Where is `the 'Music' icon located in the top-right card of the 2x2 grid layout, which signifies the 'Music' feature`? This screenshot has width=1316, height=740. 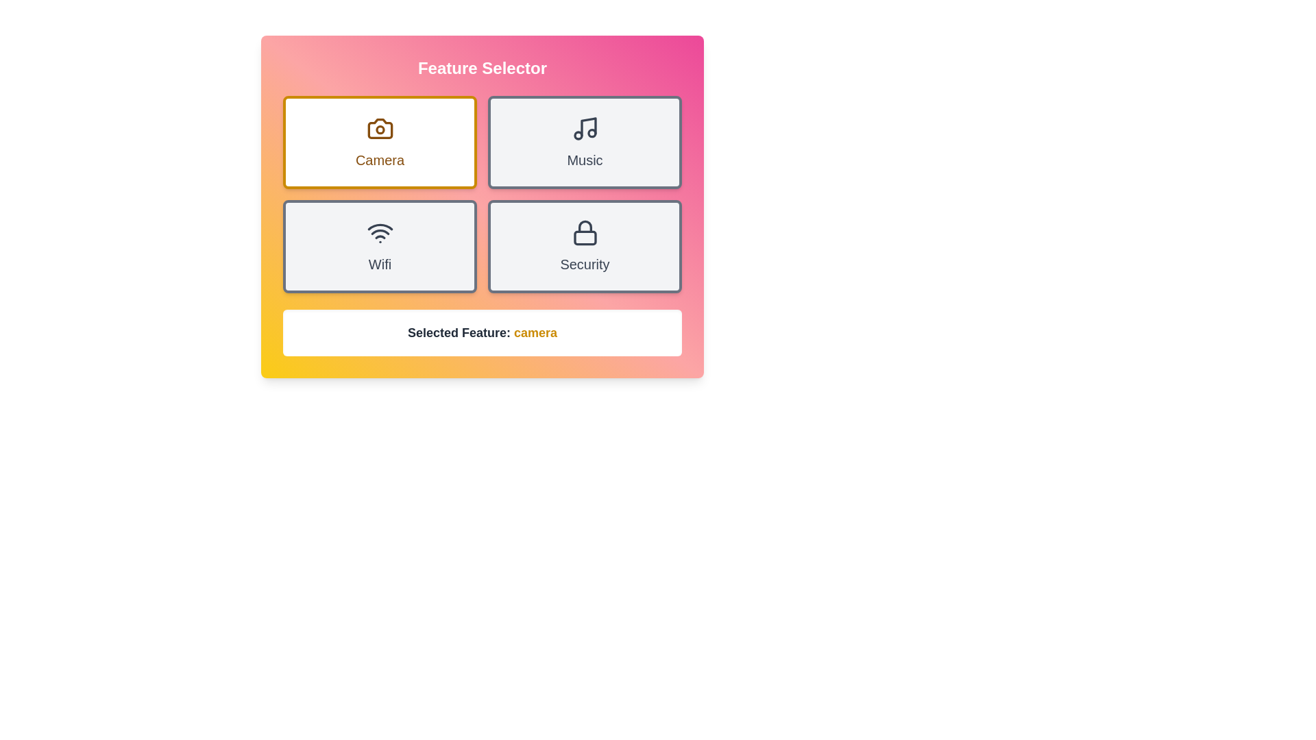 the 'Music' icon located in the top-right card of the 2x2 grid layout, which signifies the 'Music' feature is located at coordinates (585, 129).